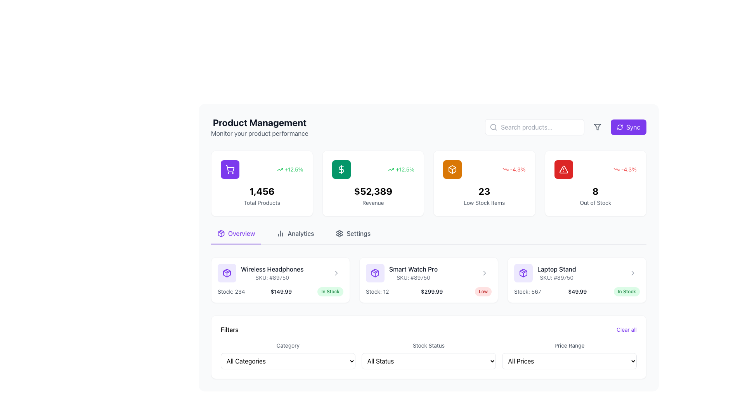 Image resolution: width=745 pixels, height=419 pixels. What do you see at coordinates (597, 126) in the screenshot?
I see `the filter funnel icon located in the top-right corner of the interface, adjacent to the purple 'Sync' button` at bounding box center [597, 126].